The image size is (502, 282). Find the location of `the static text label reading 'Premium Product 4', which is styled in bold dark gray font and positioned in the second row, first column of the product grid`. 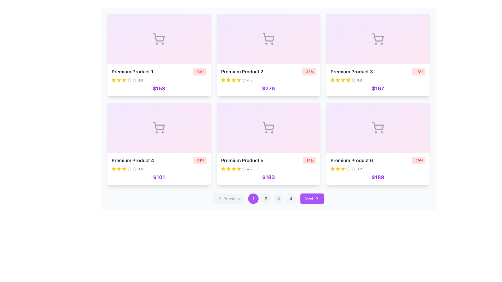

the static text label reading 'Premium Product 4', which is styled in bold dark gray font and positioned in the second row, first column of the product grid is located at coordinates (133, 160).